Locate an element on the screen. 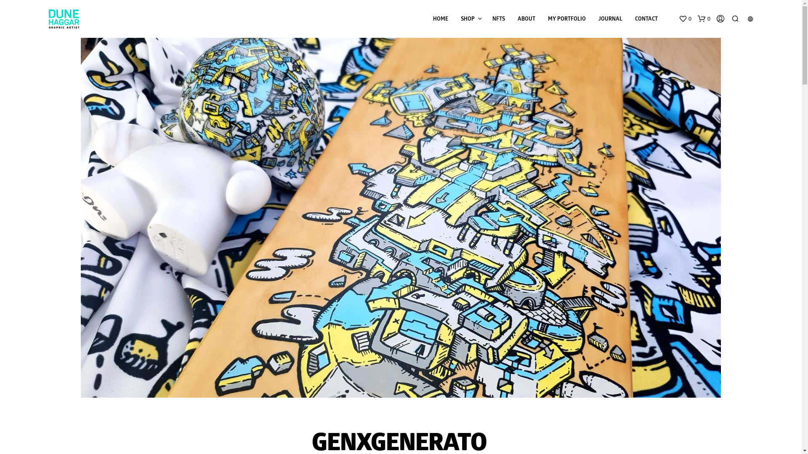 The height and width of the screenshot is (454, 808). 'SHOP' is located at coordinates (467, 19).